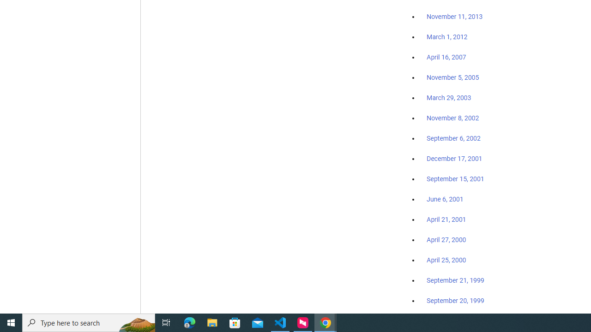 This screenshot has width=591, height=332. What do you see at coordinates (454, 158) in the screenshot?
I see `'December 17, 2001'` at bounding box center [454, 158].